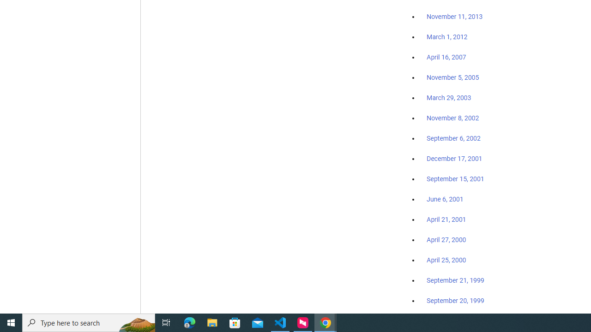 This screenshot has width=591, height=332. What do you see at coordinates (454, 158) in the screenshot?
I see `'December 17, 2001'` at bounding box center [454, 158].